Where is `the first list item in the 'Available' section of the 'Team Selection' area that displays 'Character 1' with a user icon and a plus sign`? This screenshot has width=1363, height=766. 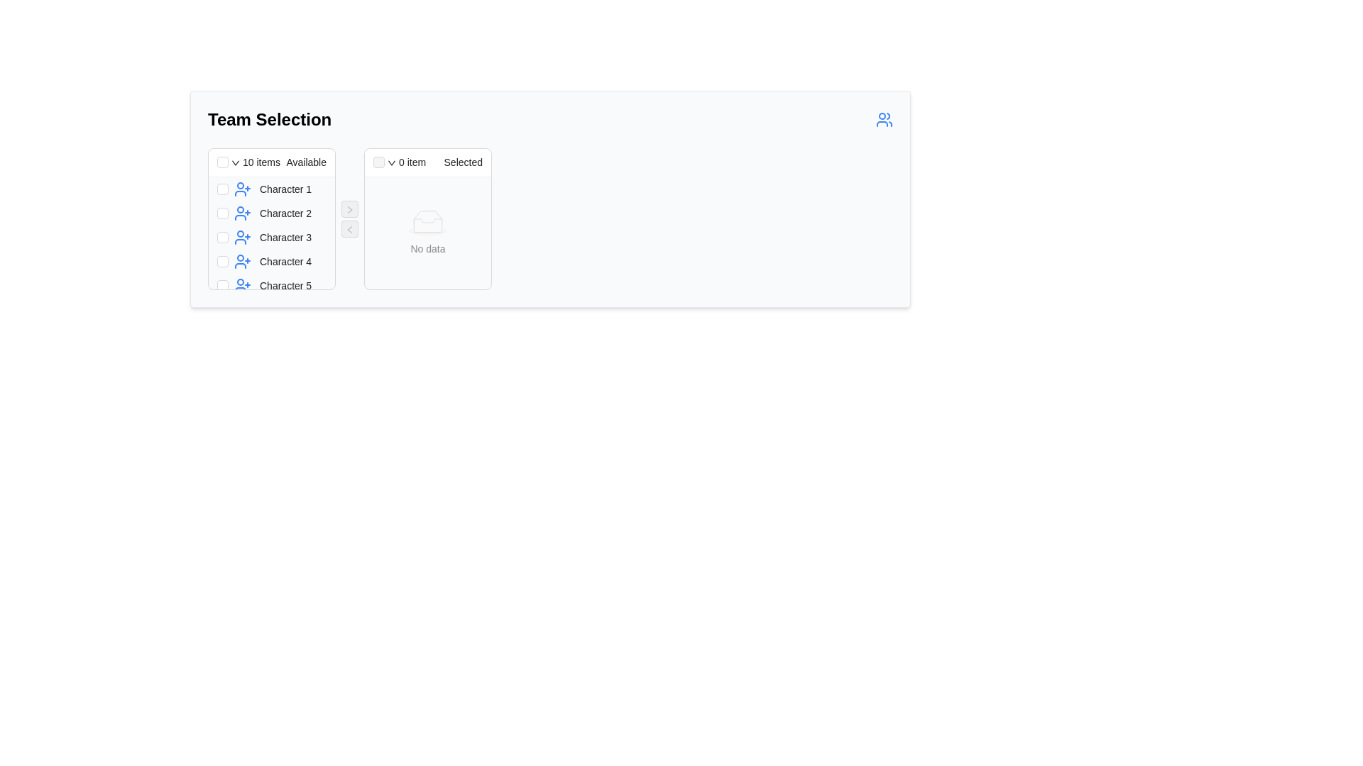 the first list item in the 'Available' section of the 'Team Selection' area that displays 'Character 1' with a user icon and a plus sign is located at coordinates (280, 188).